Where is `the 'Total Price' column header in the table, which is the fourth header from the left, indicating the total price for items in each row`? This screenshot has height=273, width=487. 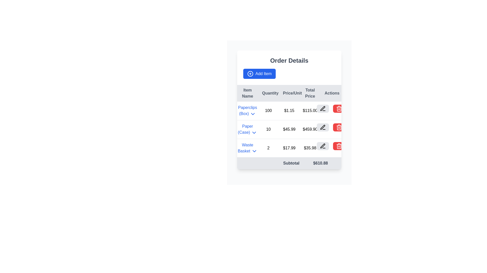
the 'Total Price' column header in the table, which is the fourth header from the left, indicating the total price for items in each row is located at coordinates (310, 93).